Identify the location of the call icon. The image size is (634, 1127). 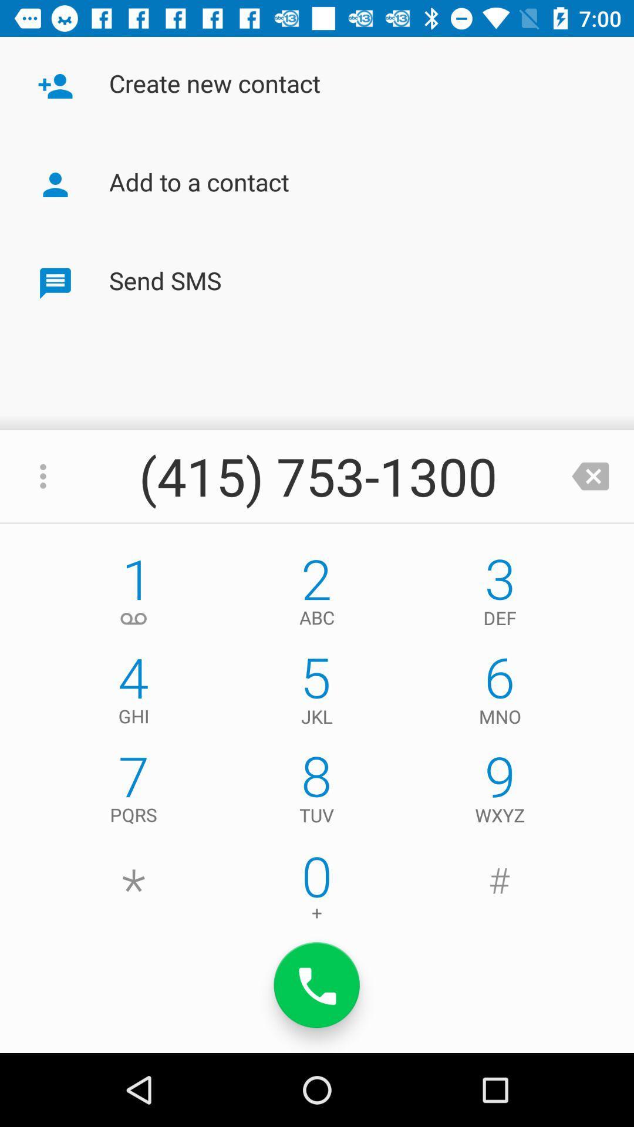
(317, 985).